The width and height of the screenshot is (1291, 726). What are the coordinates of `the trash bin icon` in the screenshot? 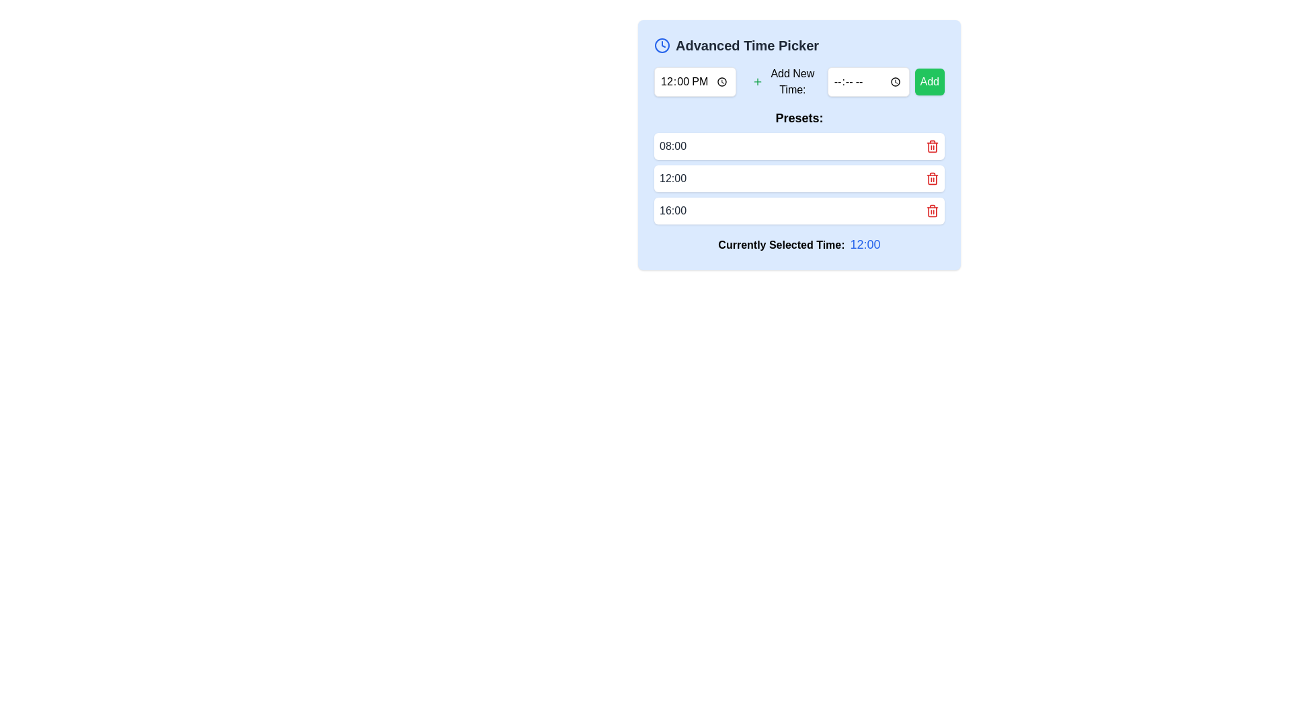 It's located at (932, 147).